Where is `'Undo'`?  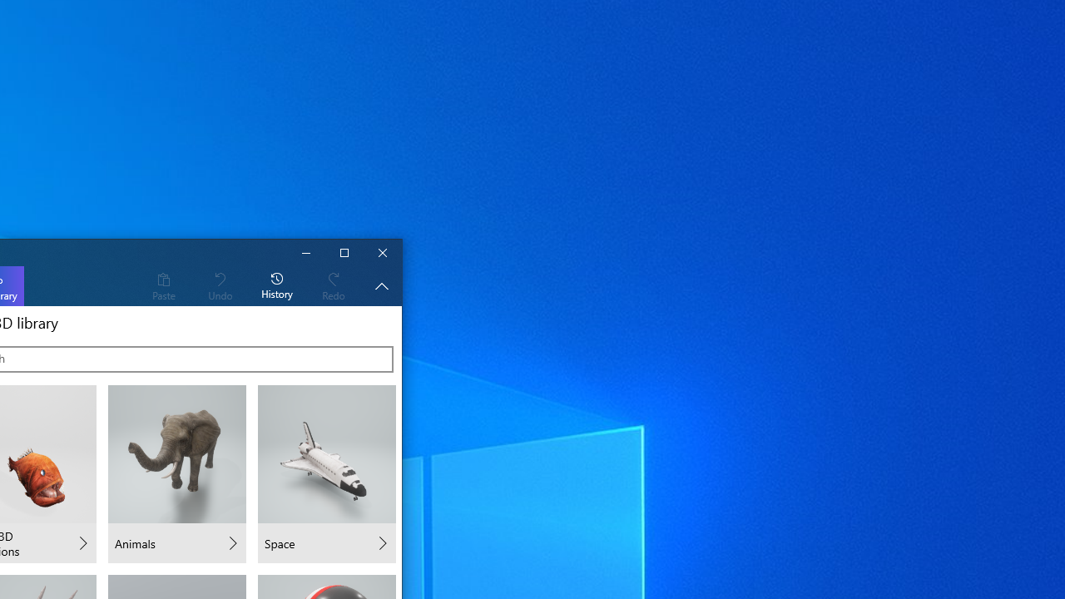
'Undo' is located at coordinates (219, 285).